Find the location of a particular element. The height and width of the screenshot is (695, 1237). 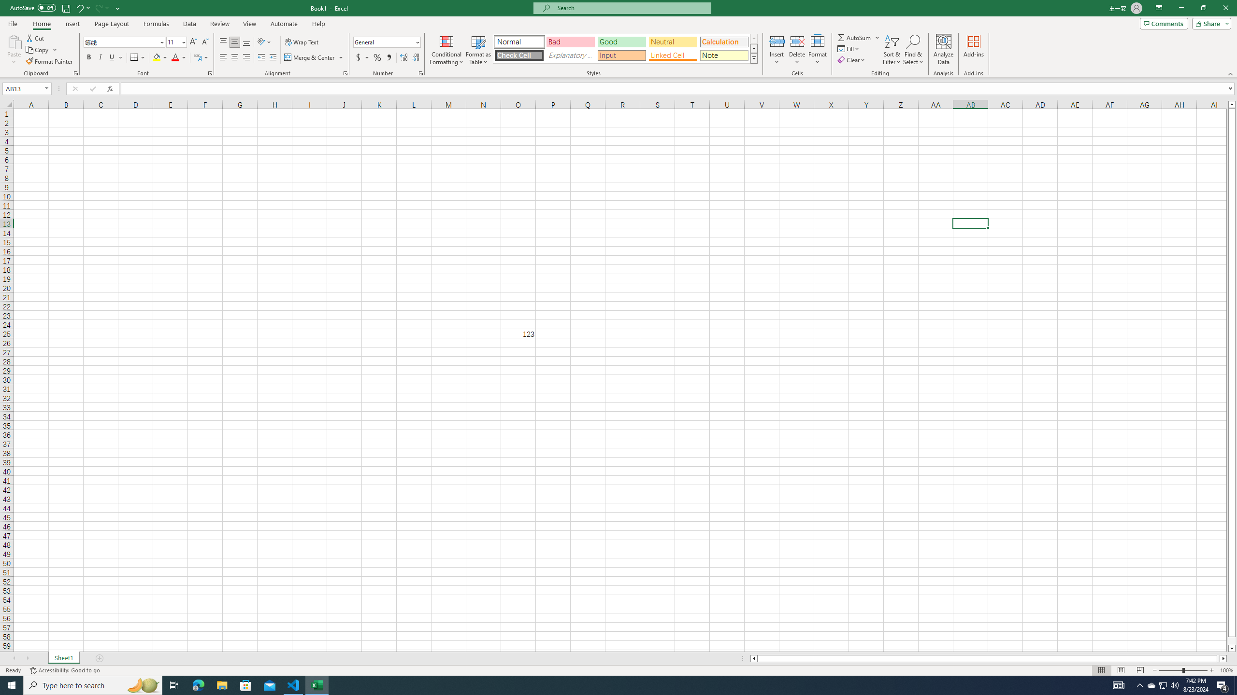

'Sort & Filter' is located at coordinates (891, 50).